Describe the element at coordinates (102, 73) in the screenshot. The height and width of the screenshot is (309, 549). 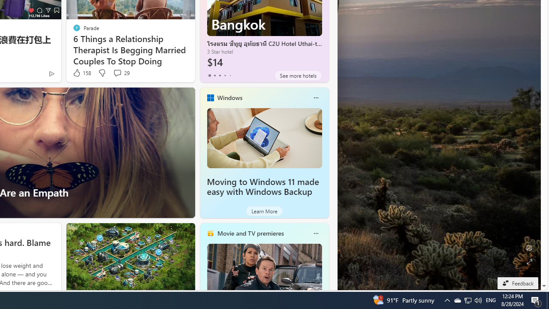
I see `'Dislike'` at that location.